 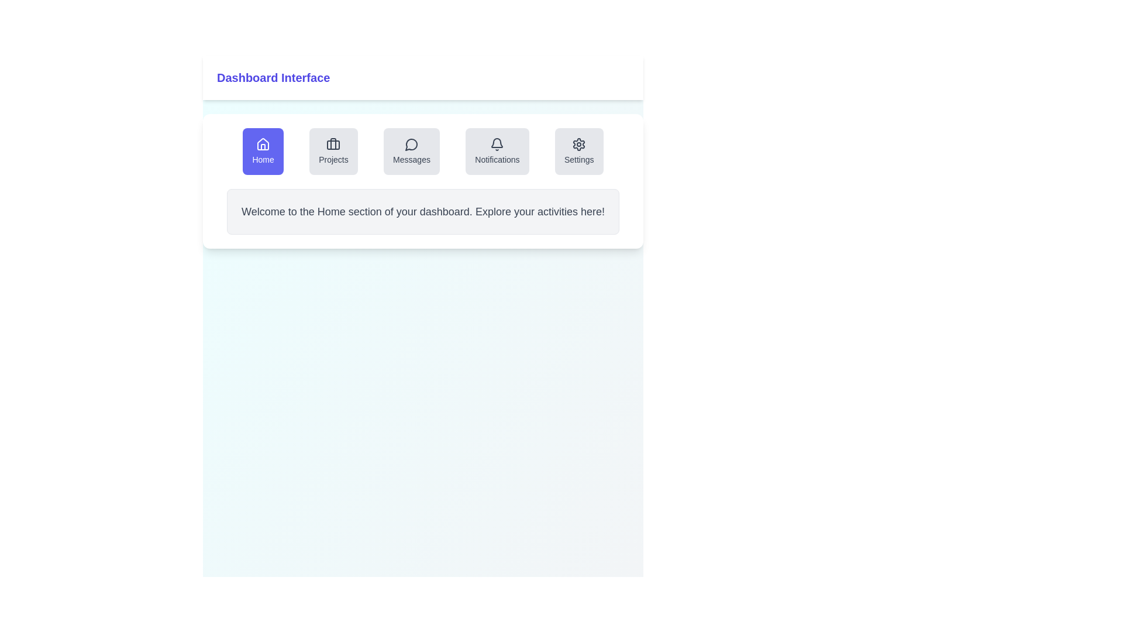 What do you see at coordinates (422, 212) in the screenshot?
I see `the welcome text block that provides a brief description of the Home section's purpose, guiding users` at bounding box center [422, 212].